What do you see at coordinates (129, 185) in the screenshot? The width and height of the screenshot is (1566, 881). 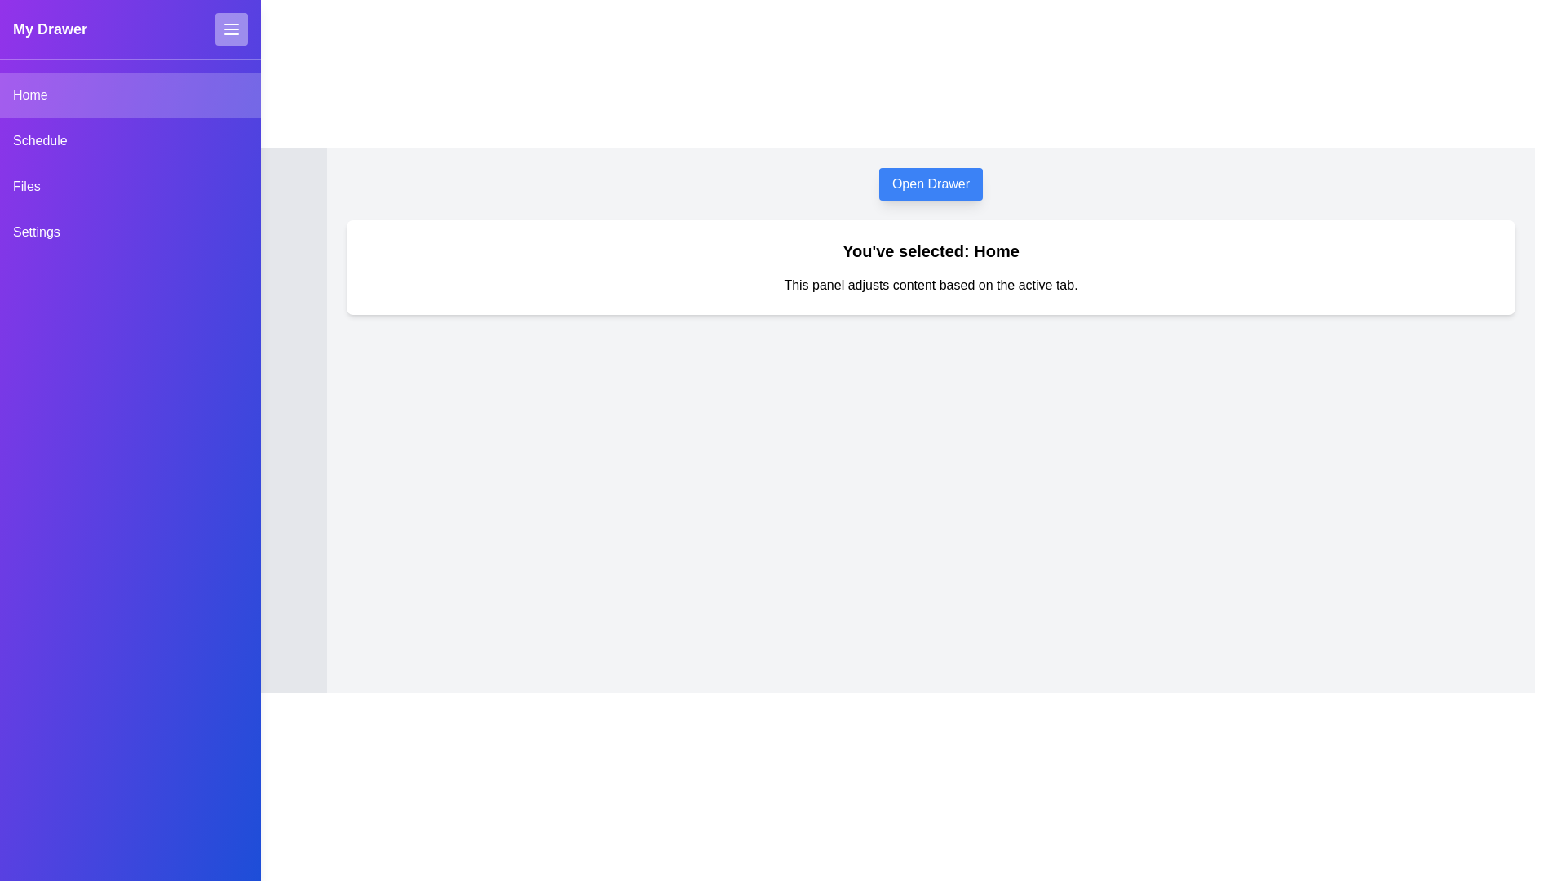 I see `the Files tab from the drawer menu` at bounding box center [129, 185].